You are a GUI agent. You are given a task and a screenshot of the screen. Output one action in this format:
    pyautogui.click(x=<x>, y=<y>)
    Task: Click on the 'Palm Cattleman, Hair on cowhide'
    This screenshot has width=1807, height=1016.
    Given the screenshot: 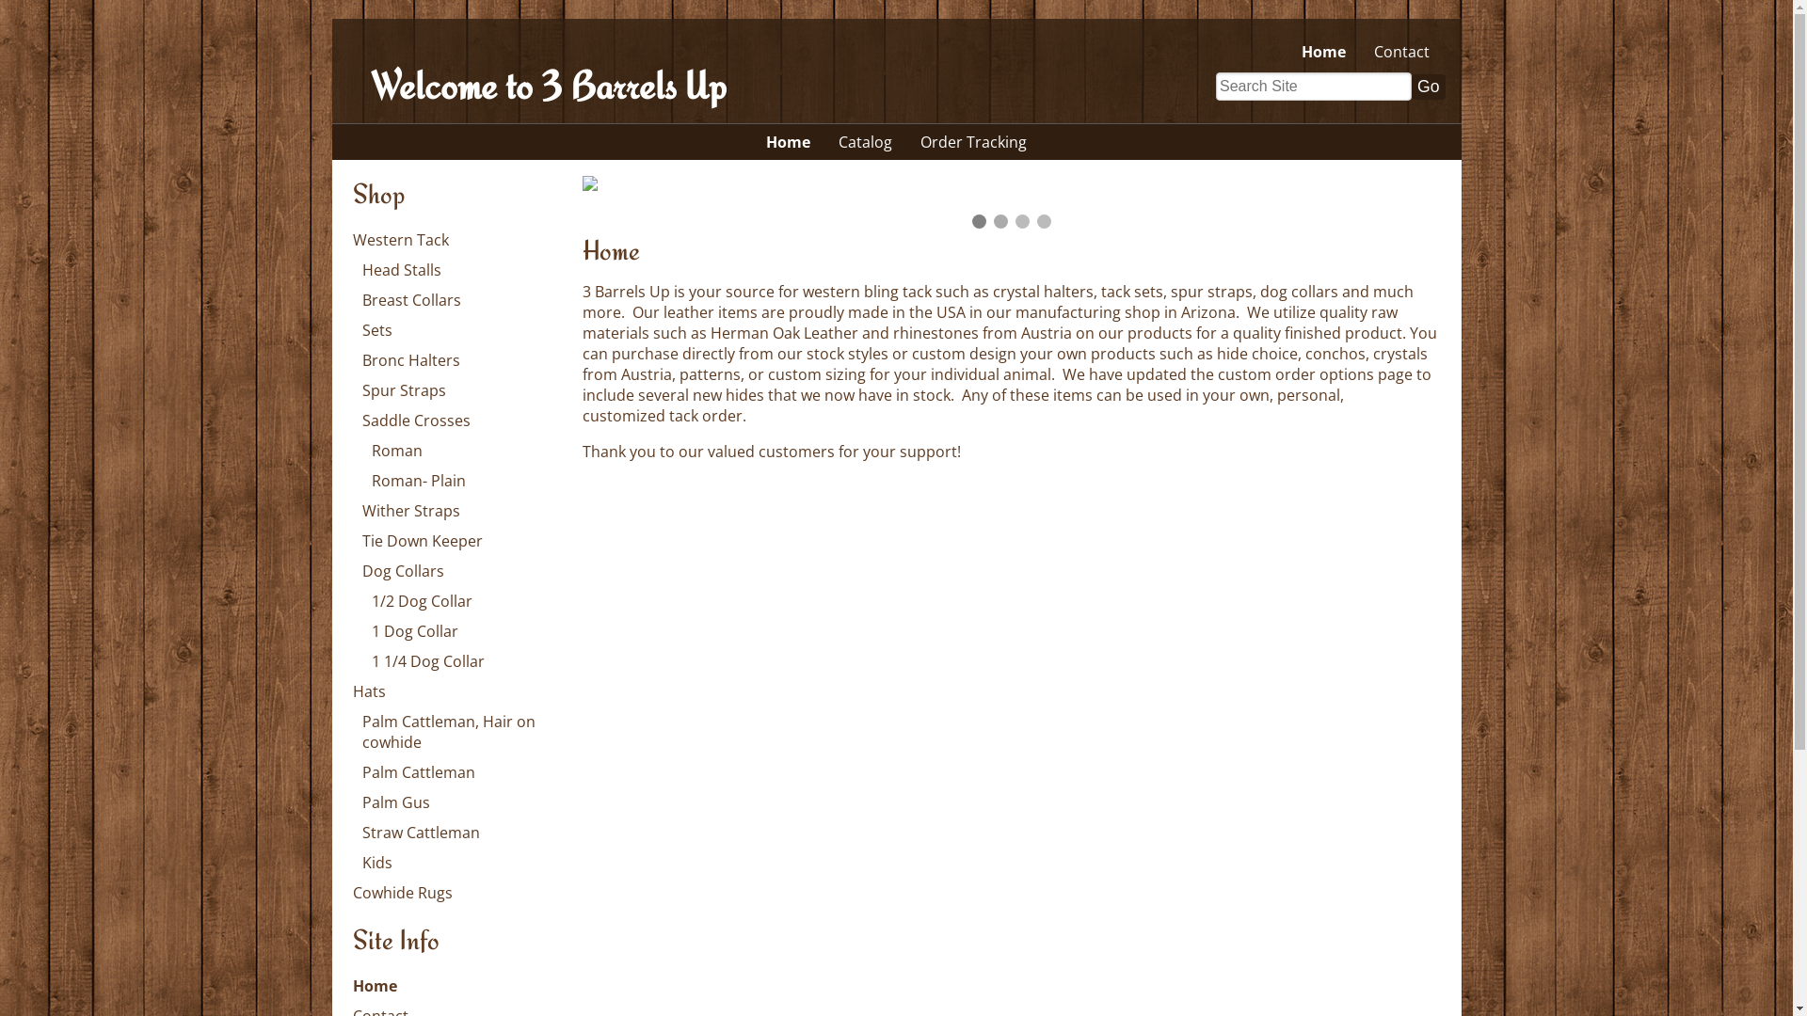 What is the action you would take?
    pyautogui.click(x=457, y=731)
    